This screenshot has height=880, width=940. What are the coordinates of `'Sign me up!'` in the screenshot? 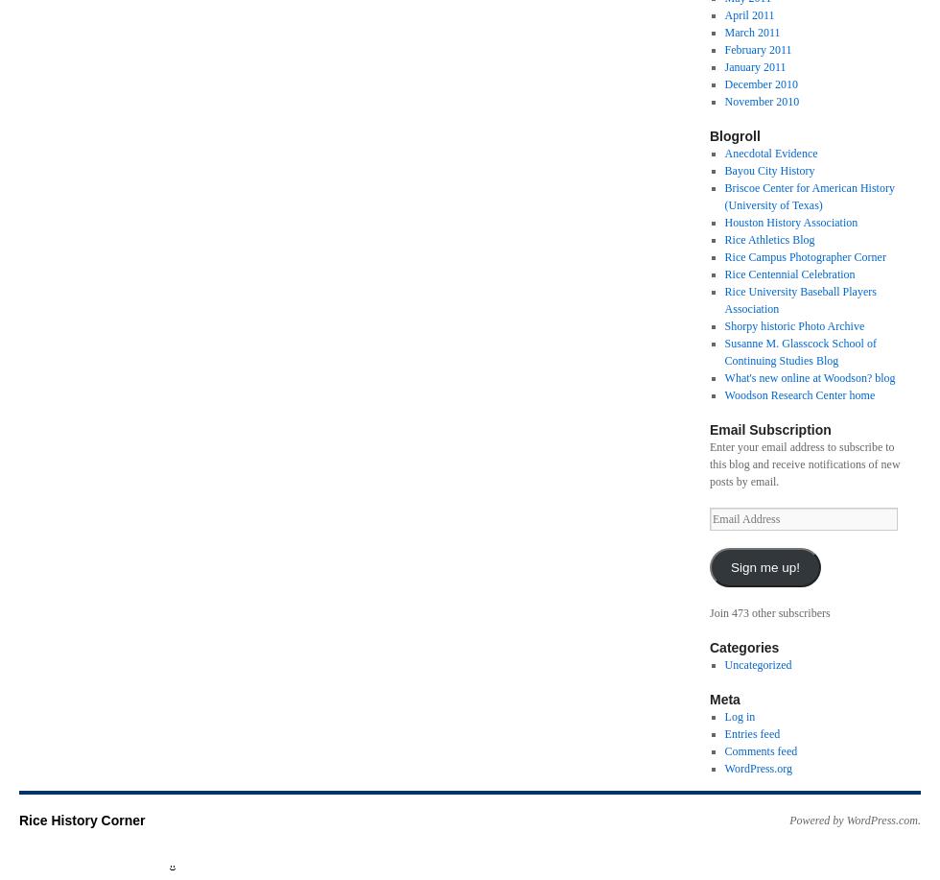 It's located at (764, 566).